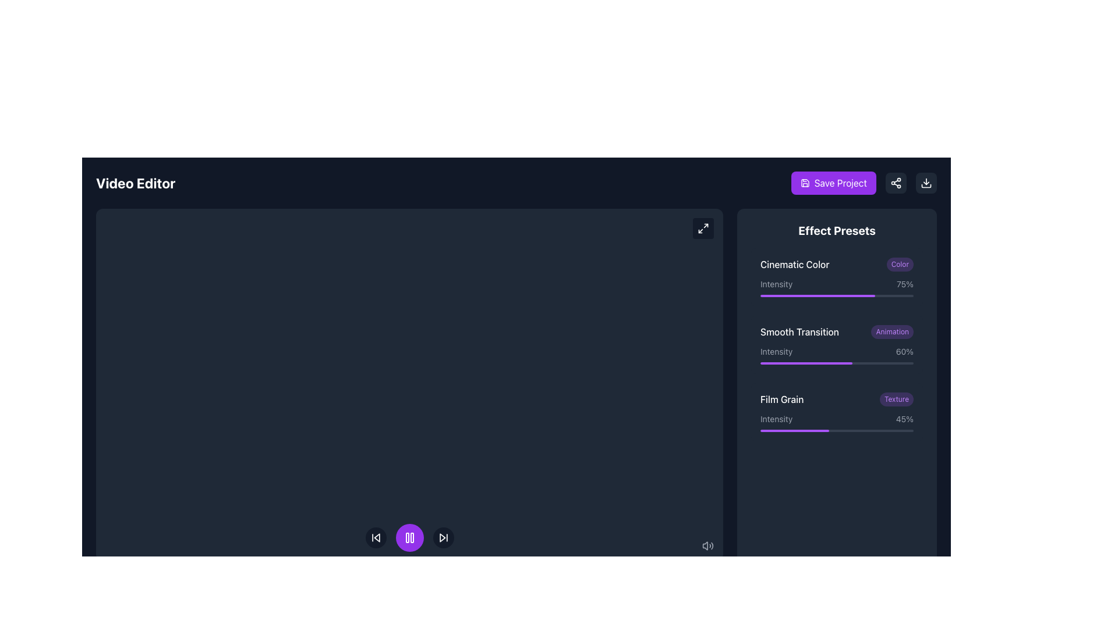 Image resolution: width=1118 pixels, height=628 pixels. Describe the element at coordinates (776, 351) in the screenshot. I see `the 'Intensity' text label, which is a small-sized label in light gray on a dark background located in the right-hand panel under the 'Smooth Transition' section` at that location.